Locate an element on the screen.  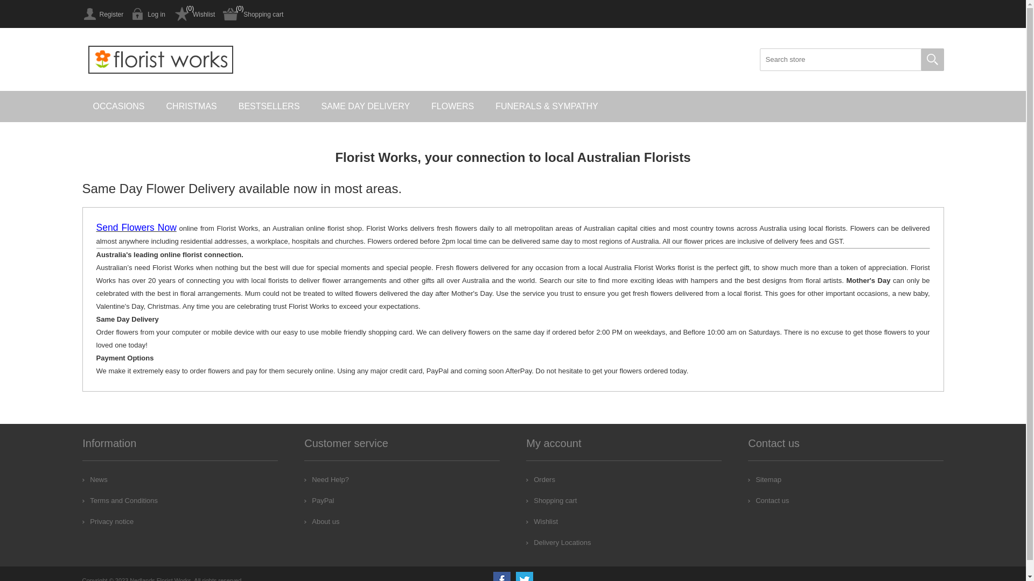
'Wishlist' is located at coordinates (194, 14).